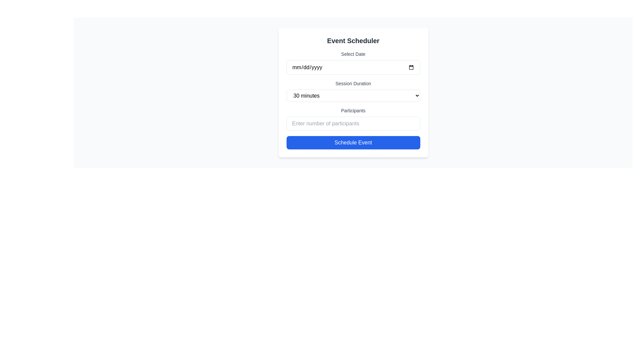  I want to click on an option from the Dropdown menu located below the 'Session Duration' label and above the 'Participants' text input field, so click(353, 96).